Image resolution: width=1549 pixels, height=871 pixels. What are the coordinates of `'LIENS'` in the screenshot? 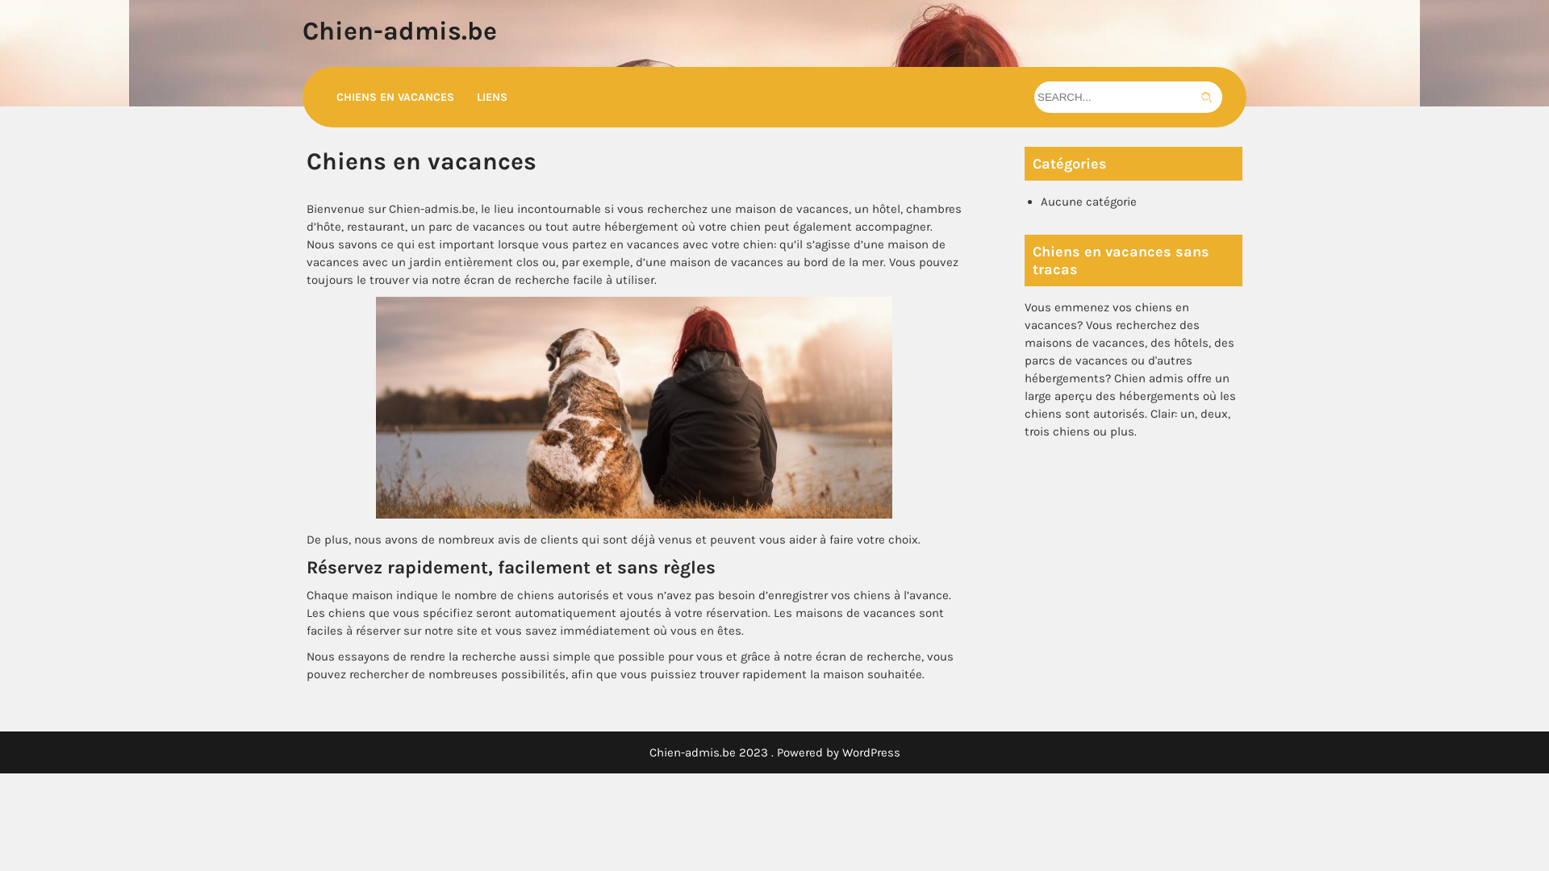 It's located at (491, 97).